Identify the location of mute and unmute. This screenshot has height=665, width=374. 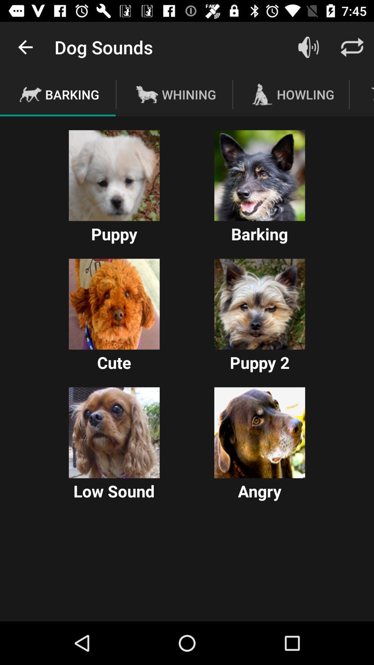
(308, 47).